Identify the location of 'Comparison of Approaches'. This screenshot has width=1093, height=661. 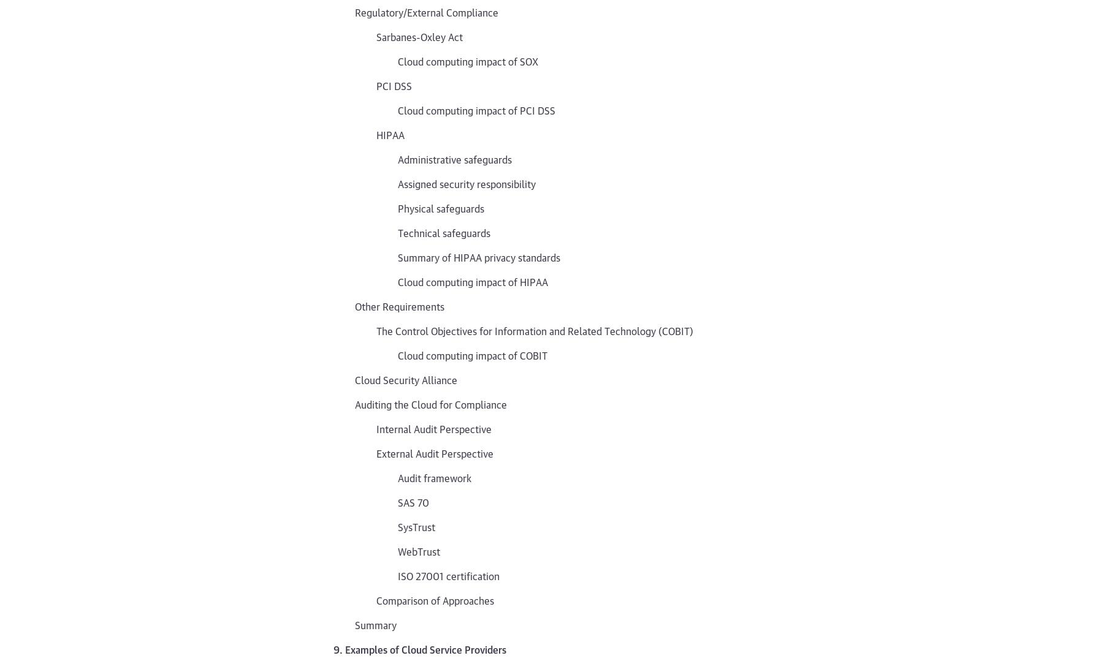
(434, 599).